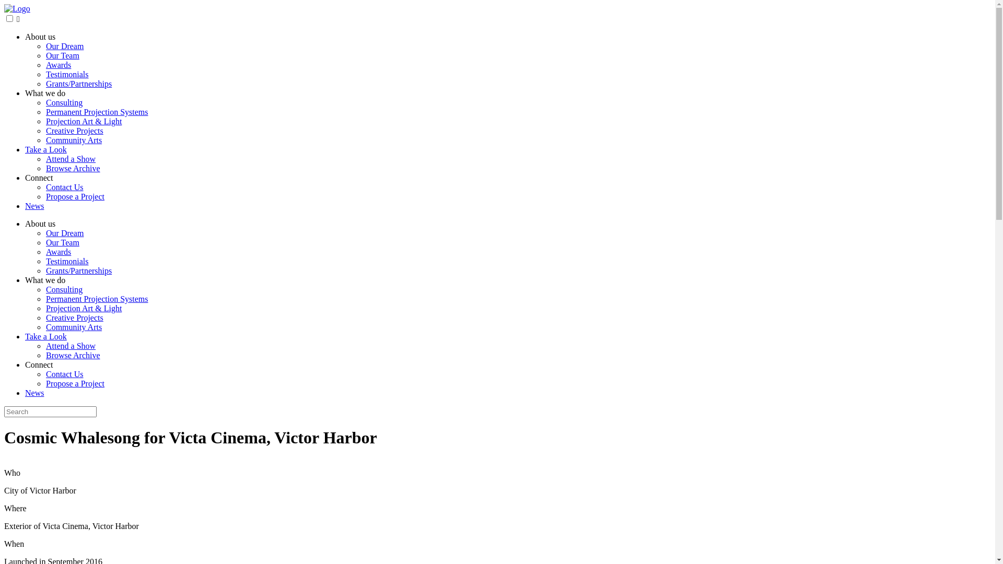 The height and width of the screenshot is (564, 1003). What do you see at coordinates (74, 130) in the screenshot?
I see `'Creative Projects'` at bounding box center [74, 130].